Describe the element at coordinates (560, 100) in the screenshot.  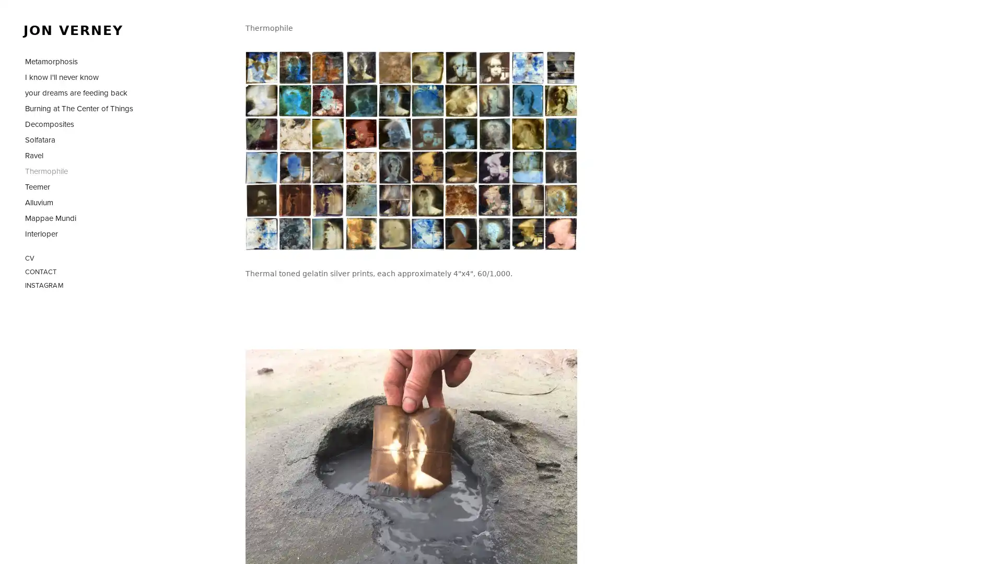
I see `View fullsize jon_verney_thermophile_3.jpg` at that location.